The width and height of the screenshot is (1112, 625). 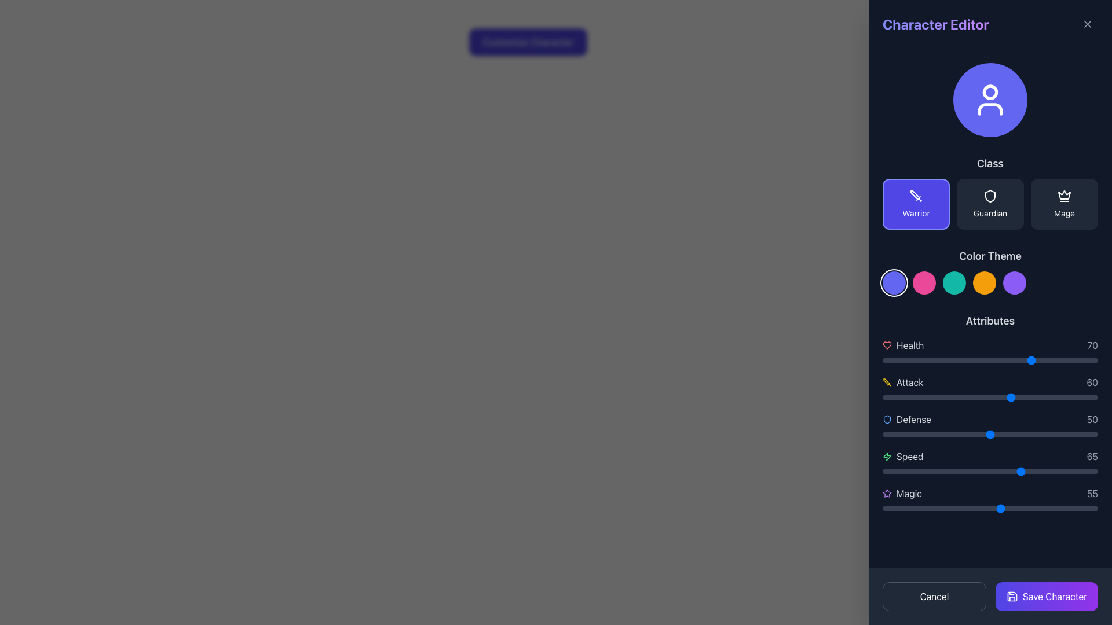 What do you see at coordinates (960, 396) in the screenshot?
I see `the 'Attack' attribute slider` at bounding box center [960, 396].